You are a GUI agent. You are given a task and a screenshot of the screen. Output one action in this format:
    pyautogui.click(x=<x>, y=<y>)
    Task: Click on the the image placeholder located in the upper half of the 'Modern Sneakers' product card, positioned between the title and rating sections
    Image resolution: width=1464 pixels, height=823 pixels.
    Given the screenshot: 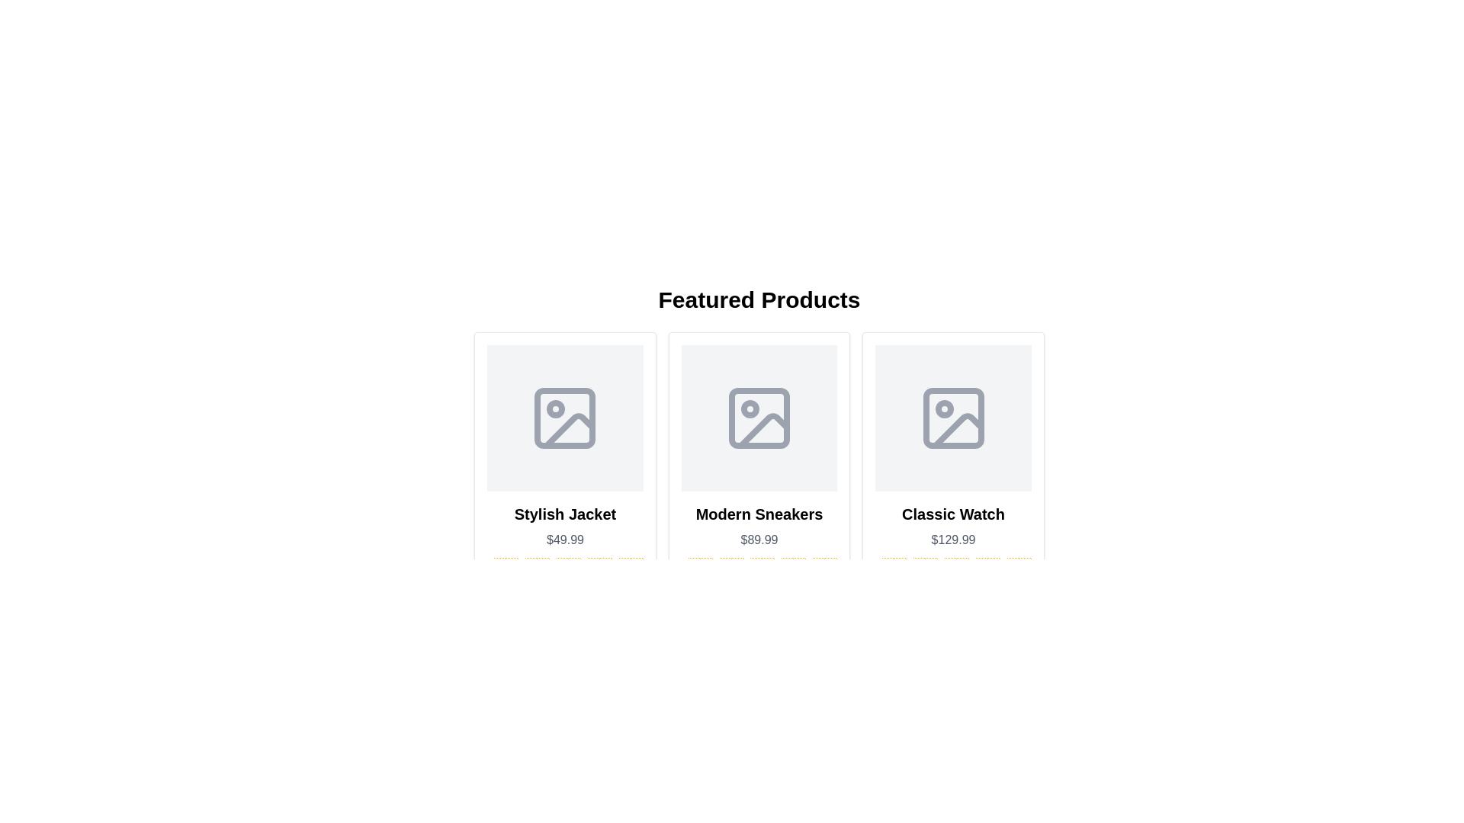 What is the action you would take?
    pyautogui.click(x=759, y=418)
    